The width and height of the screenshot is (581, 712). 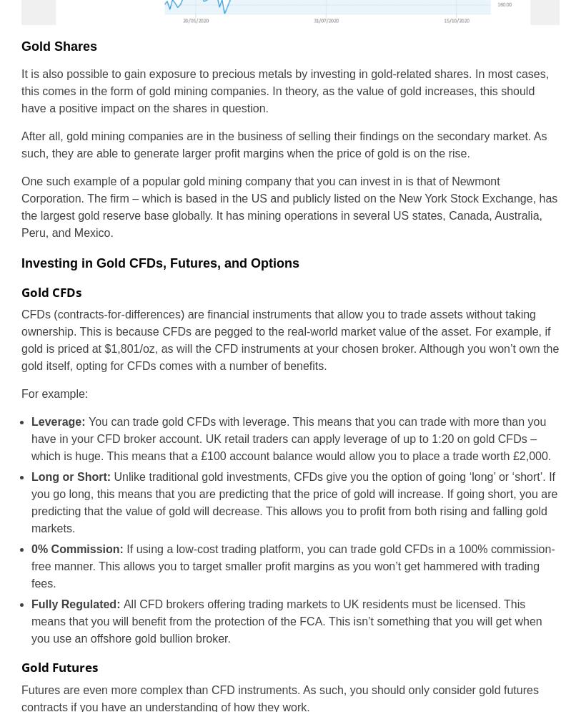 What do you see at coordinates (292, 566) in the screenshot?
I see `'If using a low-cost trading platform, you can trade gold CFDs in a 100% commission-free manner. This allows you to target smaller profit margins as you won’t get hammered with trading fees.'` at bounding box center [292, 566].